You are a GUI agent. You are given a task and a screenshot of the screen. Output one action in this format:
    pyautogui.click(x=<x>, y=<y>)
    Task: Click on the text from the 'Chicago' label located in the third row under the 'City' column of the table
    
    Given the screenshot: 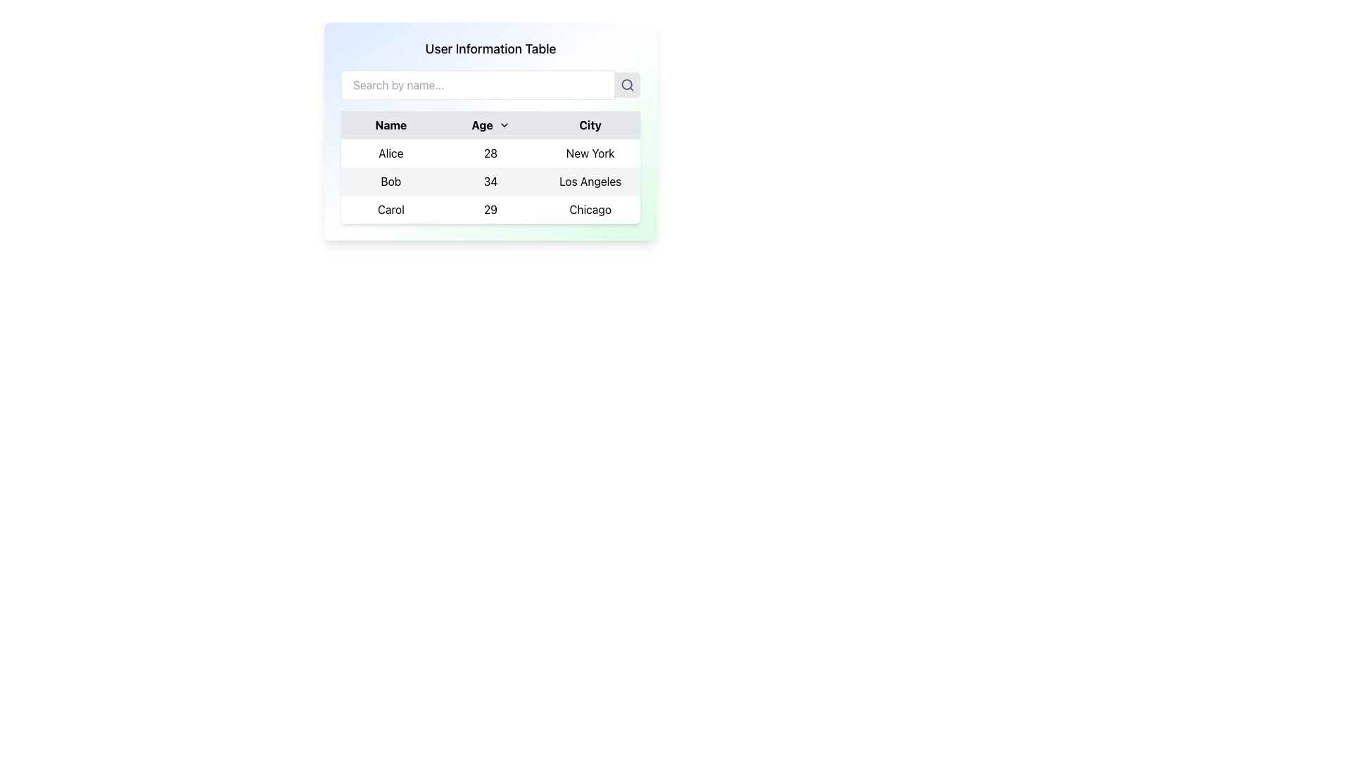 What is the action you would take?
    pyautogui.click(x=590, y=209)
    